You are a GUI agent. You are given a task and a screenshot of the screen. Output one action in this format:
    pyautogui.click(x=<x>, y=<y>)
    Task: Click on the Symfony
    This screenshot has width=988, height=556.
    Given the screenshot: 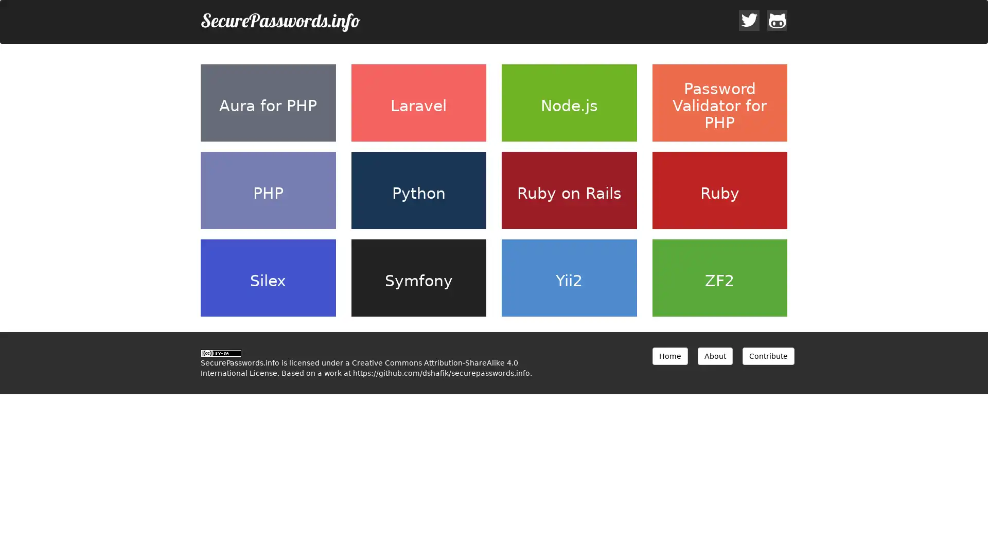 What is the action you would take?
    pyautogui.click(x=418, y=278)
    